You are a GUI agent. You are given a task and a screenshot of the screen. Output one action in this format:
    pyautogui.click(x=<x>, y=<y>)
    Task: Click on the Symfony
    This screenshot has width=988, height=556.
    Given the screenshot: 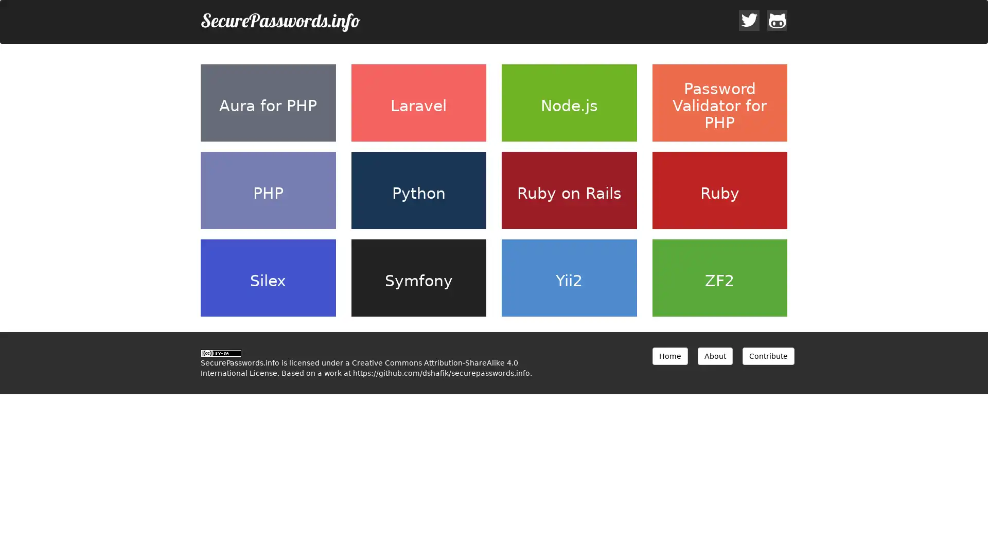 What is the action you would take?
    pyautogui.click(x=418, y=278)
    